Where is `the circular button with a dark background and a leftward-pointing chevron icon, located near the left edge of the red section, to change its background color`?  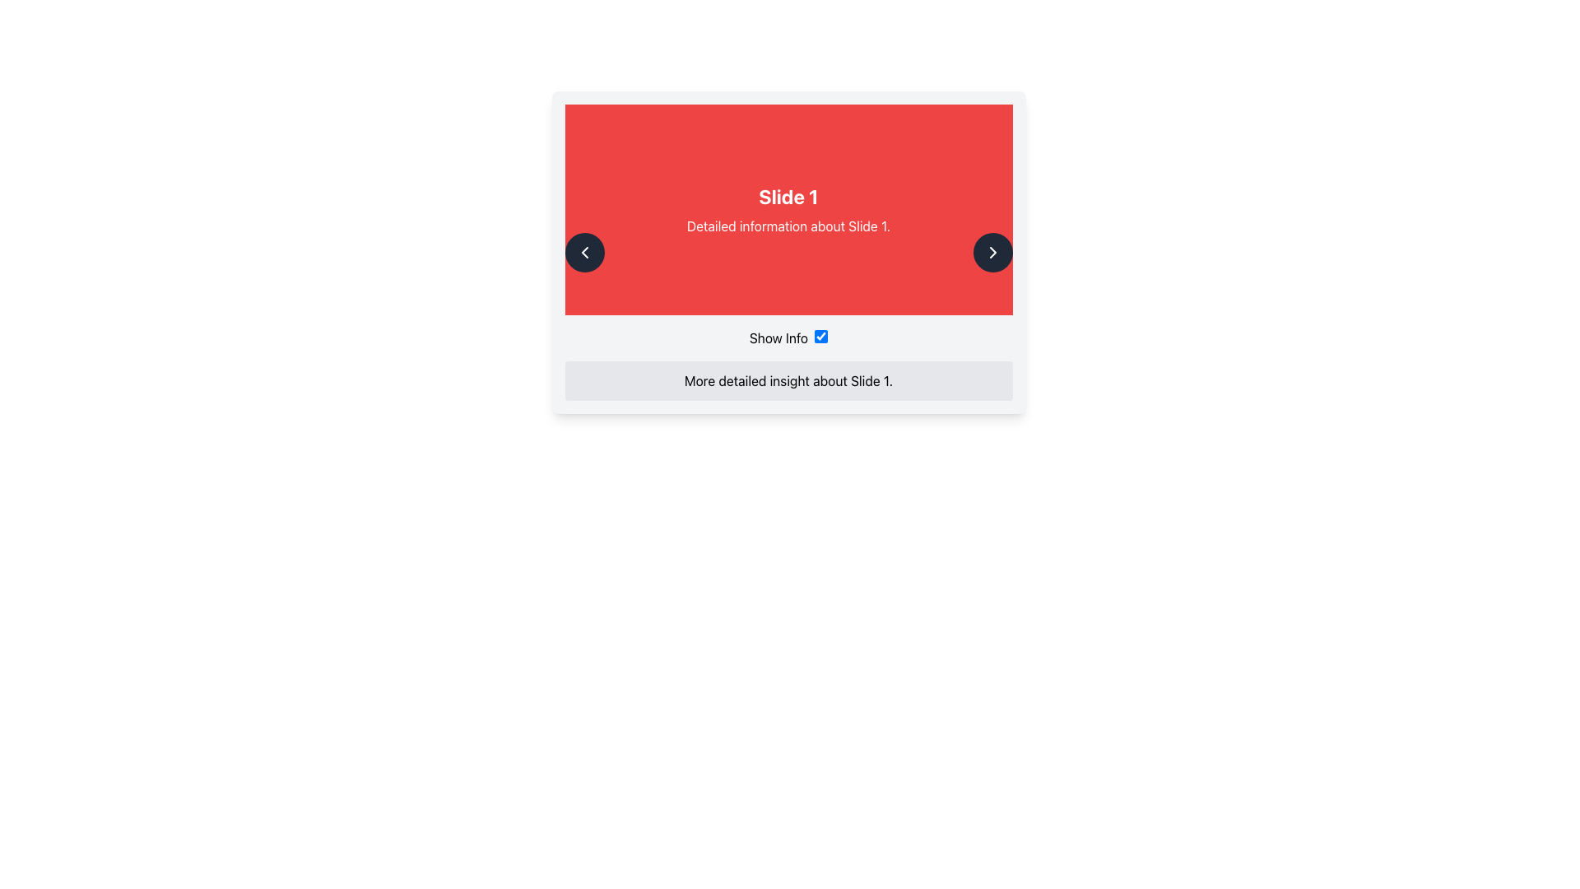 the circular button with a dark background and a leftward-pointing chevron icon, located near the left edge of the red section, to change its background color is located at coordinates (584, 253).